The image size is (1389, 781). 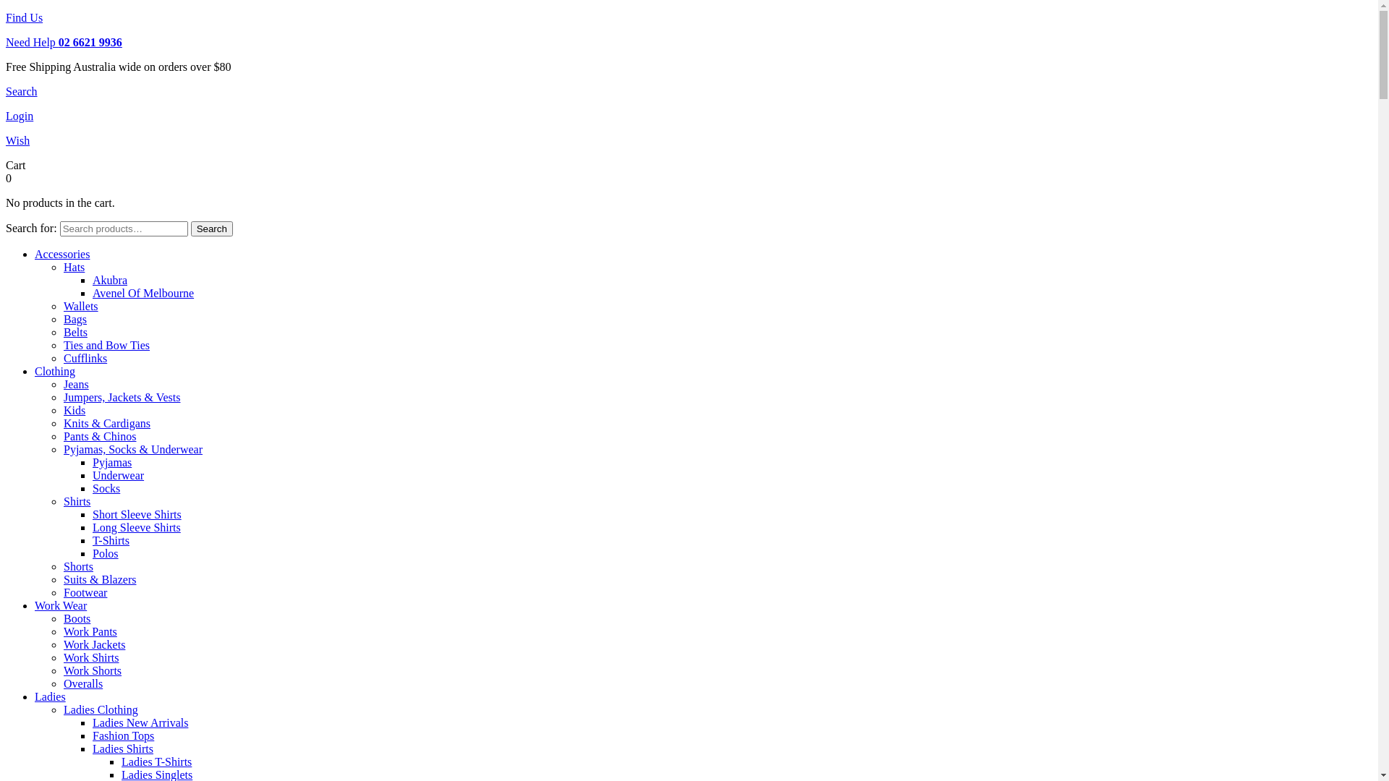 What do you see at coordinates (62, 566) in the screenshot?
I see `'Shorts'` at bounding box center [62, 566].